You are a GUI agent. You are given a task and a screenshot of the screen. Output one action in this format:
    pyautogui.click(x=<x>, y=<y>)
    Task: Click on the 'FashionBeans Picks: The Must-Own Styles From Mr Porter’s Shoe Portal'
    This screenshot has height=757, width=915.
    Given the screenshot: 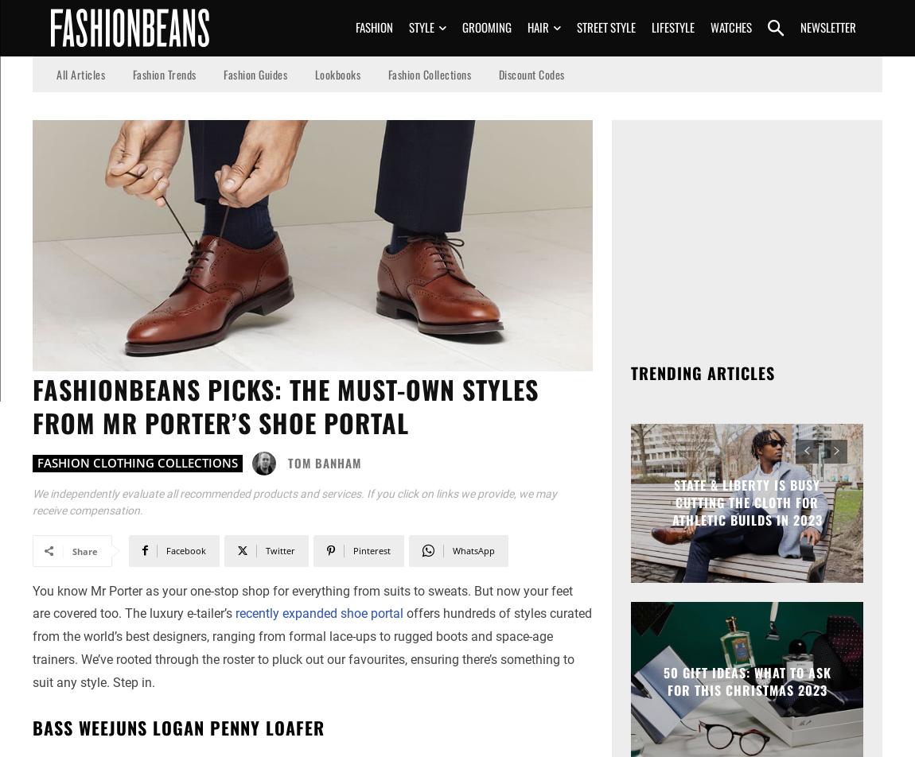 What is the action you would take?
    pyautogui.click(x=32, y=405)
    